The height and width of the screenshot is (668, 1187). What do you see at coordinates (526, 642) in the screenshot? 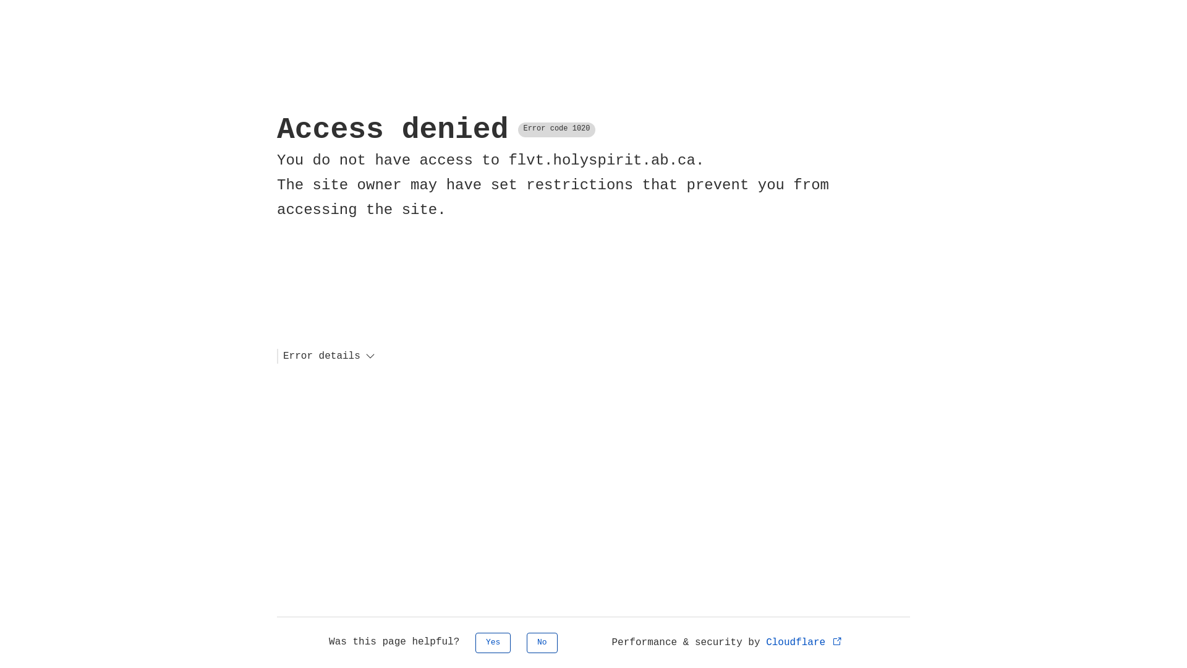
I see `'No'` at bounding box center [526, 642].